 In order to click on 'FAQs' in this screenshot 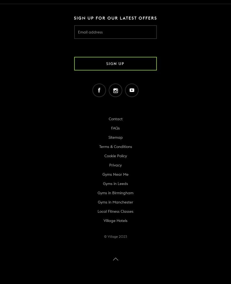, I will do `click(116, 128)`.